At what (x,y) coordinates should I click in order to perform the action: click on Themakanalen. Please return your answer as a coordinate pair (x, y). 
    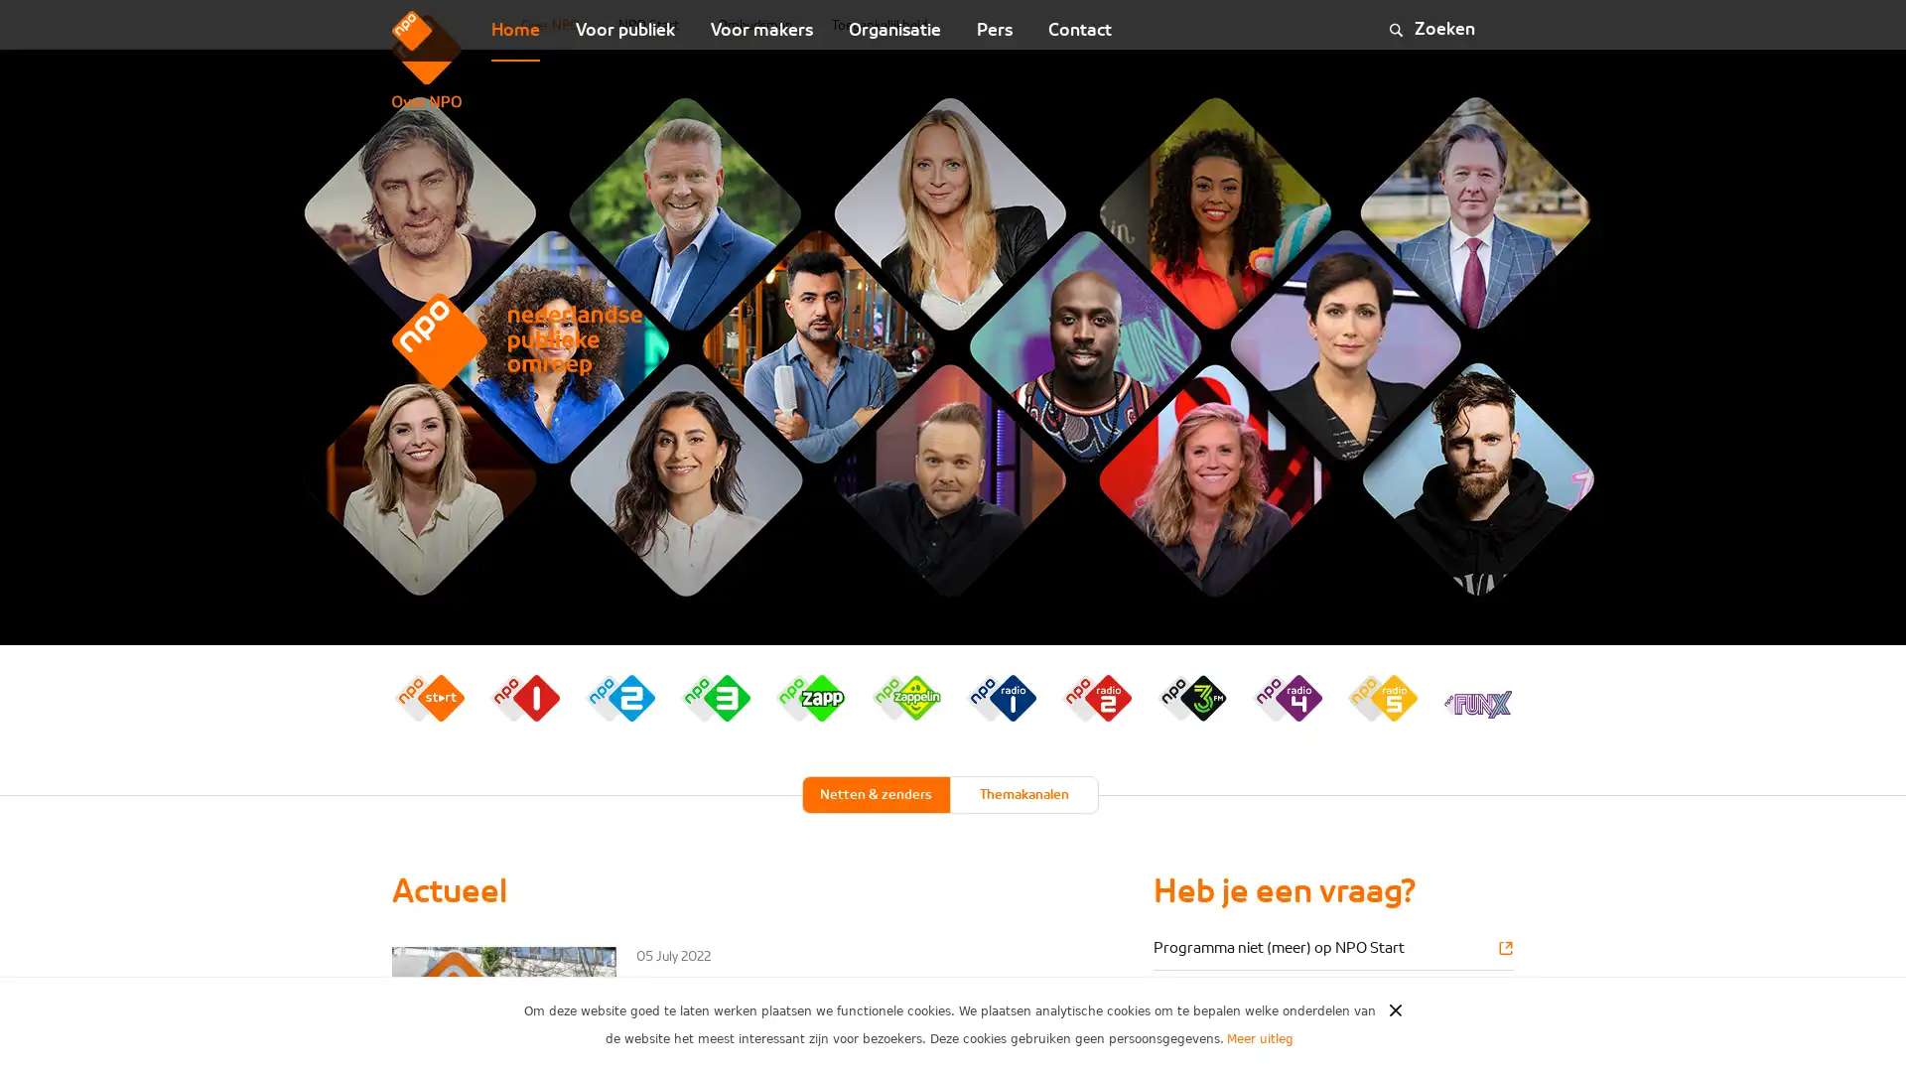
    Looking at the image, I should click on (1023, 794).